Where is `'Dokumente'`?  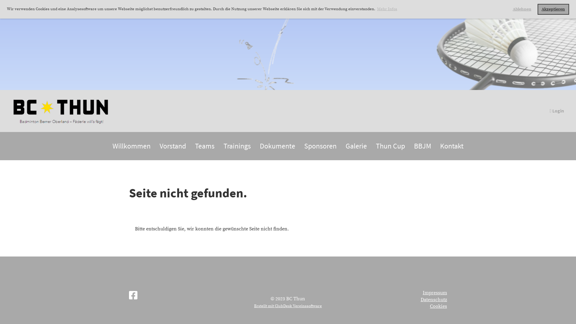
'Dokumente' is located at coordinates (277, 146).